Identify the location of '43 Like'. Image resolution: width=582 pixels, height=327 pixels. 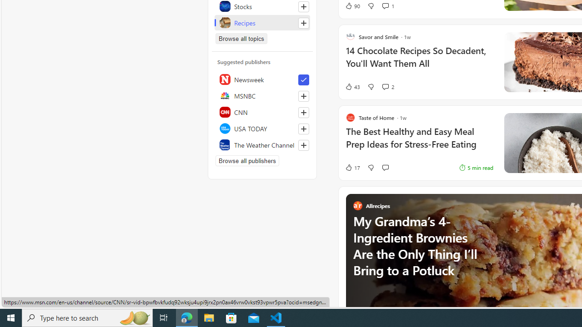
(352, 87).